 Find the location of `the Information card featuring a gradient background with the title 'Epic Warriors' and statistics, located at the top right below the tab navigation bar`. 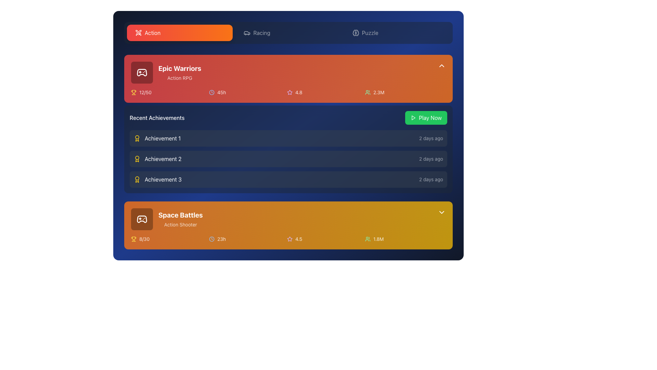

the Information card featuring a gradient background with the title 'Epic Warriors' and statistics, located at the top right below the tab navigation bar is located at coordinates (288, 78).